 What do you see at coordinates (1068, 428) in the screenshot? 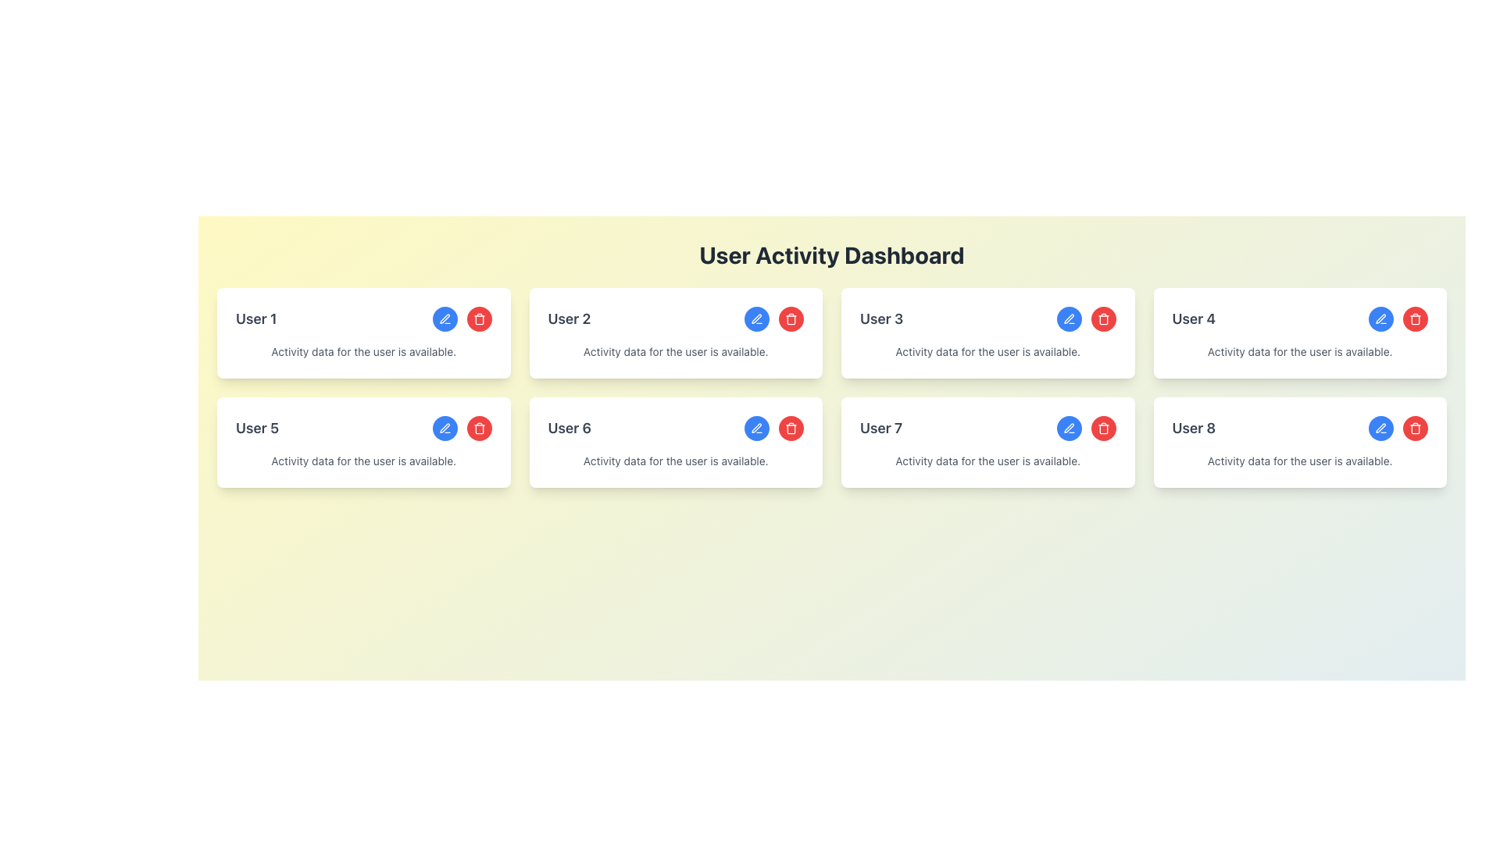
I see `the edit icon button located in the card labeled 'User 7' in the bottom row and second column of the user activity dashboard` at bounding box center [1068, 428].